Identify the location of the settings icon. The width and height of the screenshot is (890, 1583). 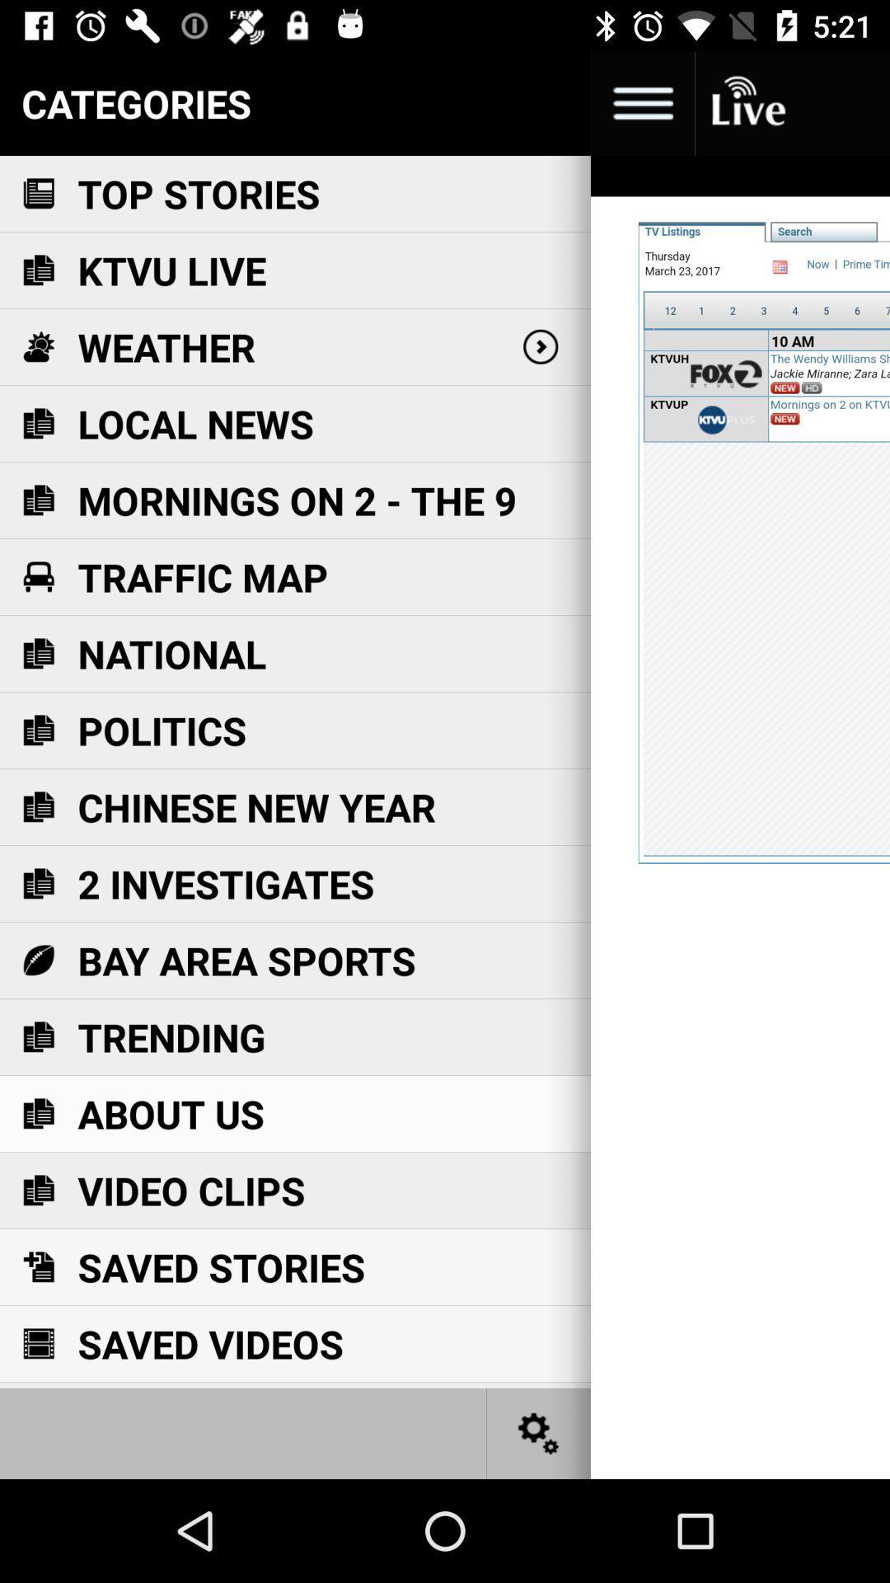
(539, 1432).